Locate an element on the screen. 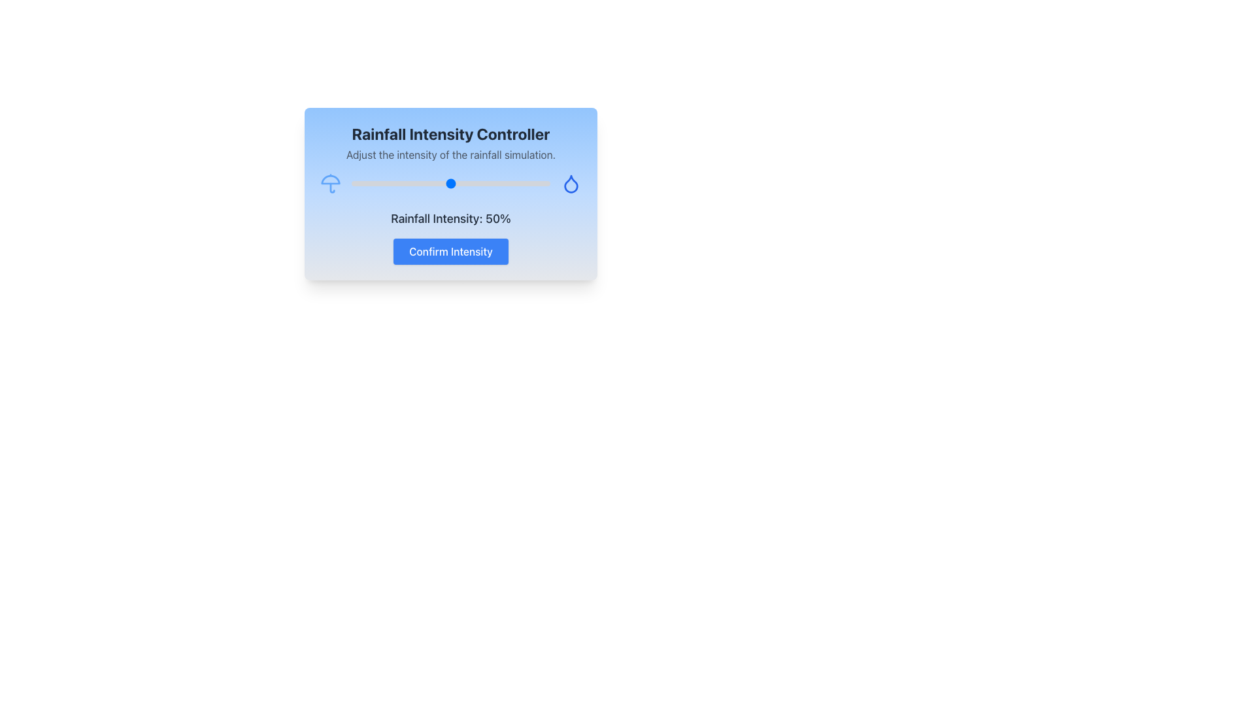  label displaying the current rainfall intensity percentage in the Composite element located in the 'Rainfall Intensity Controller' card, which includes a confirmation button is located at coordinates (451, 237).